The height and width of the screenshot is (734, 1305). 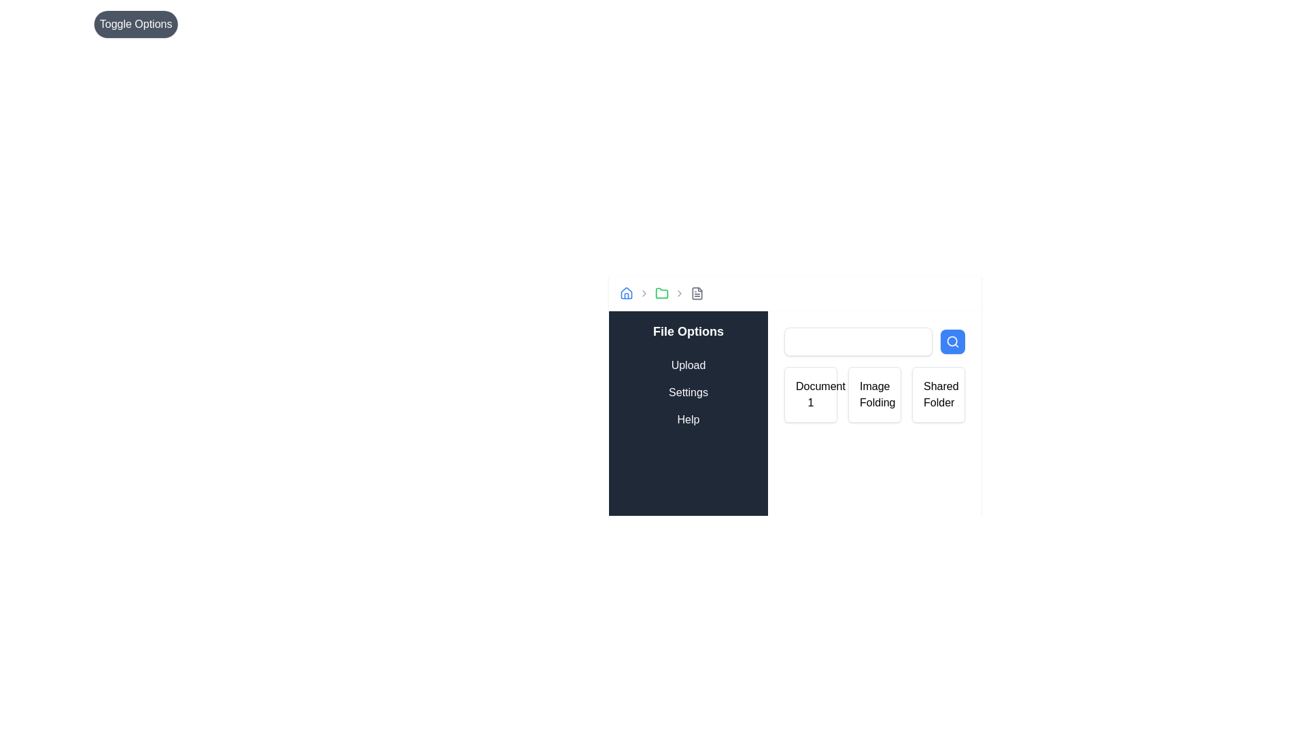 What do you see at coordinates (874, 395) in the screenshot?
I see `the 'Image Folding' button, which is a rectangular button with rounded corners, white background, and black text displayed in two lines, to observe any hover effects` at bounding box center [874, 395].